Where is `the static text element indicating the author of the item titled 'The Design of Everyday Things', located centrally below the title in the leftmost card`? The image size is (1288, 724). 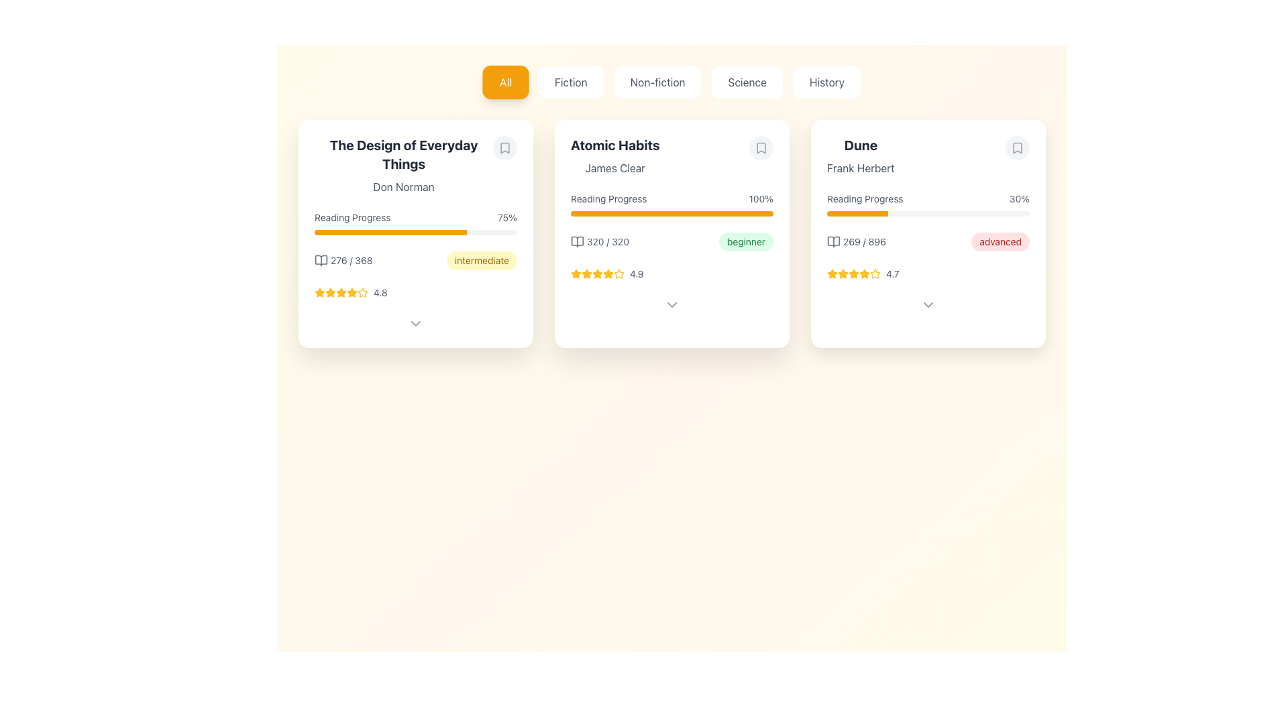 the static text element indicating the author of the item titled 'The Design of Everyday Things', located centrally below the title in the leftmost card is located at coordinates (402, 186).